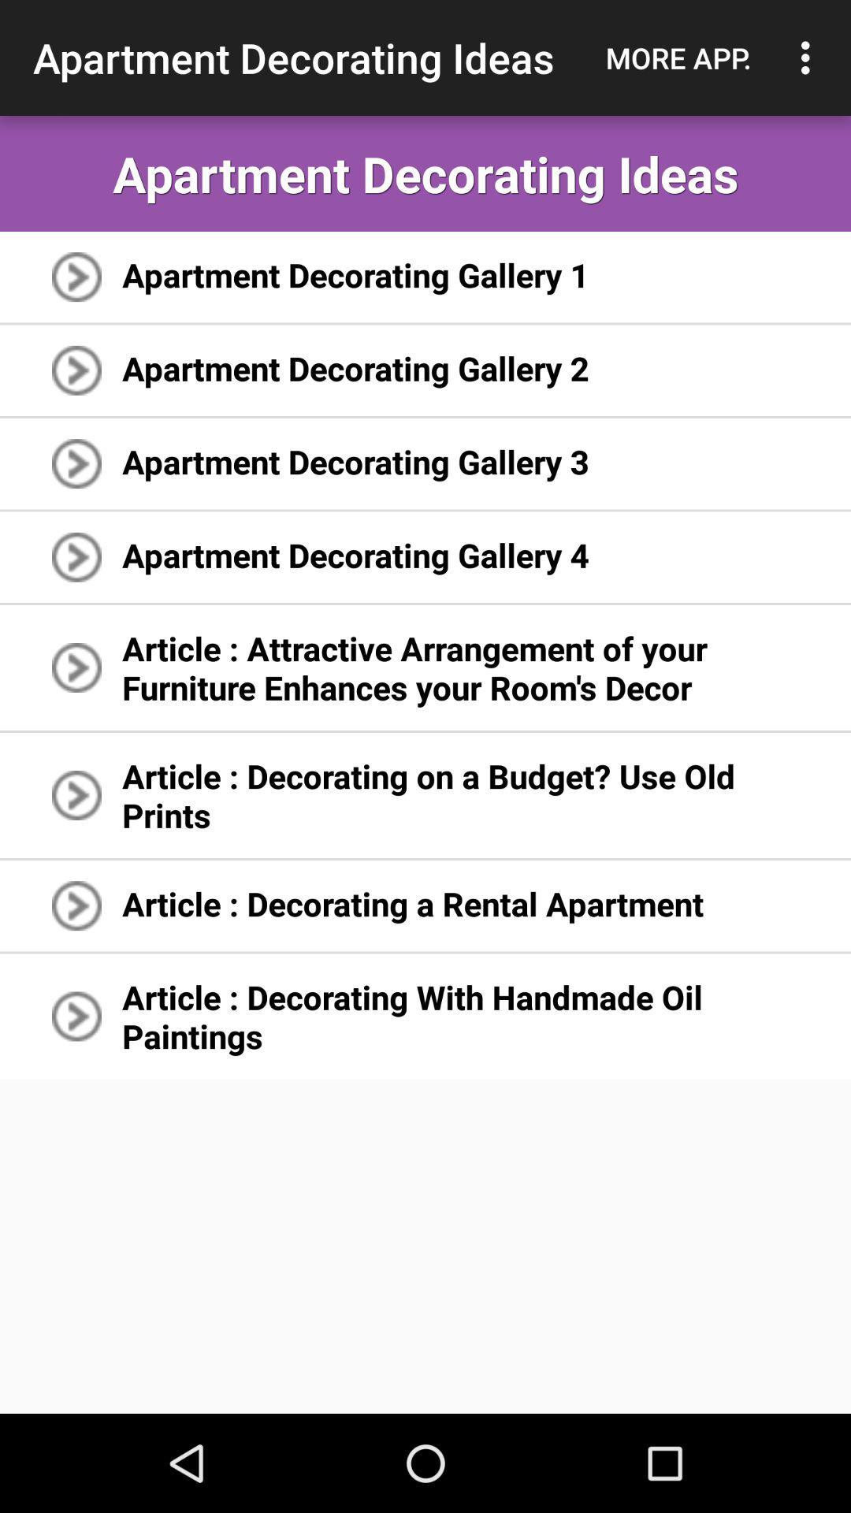 This screenshot has height=1513, width=851. Describe the element at coordinates (678, 58) in the screenshot. I see `icon next to the apartment decorating ideas icon` at that location.